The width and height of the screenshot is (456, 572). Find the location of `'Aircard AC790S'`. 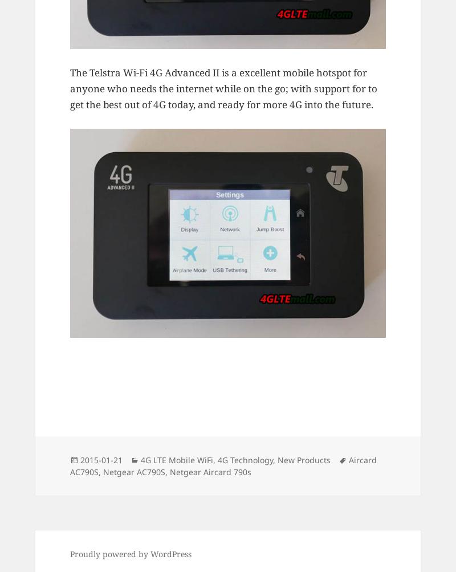

'Aircard AC790S' is located at coordinates (223, 465).